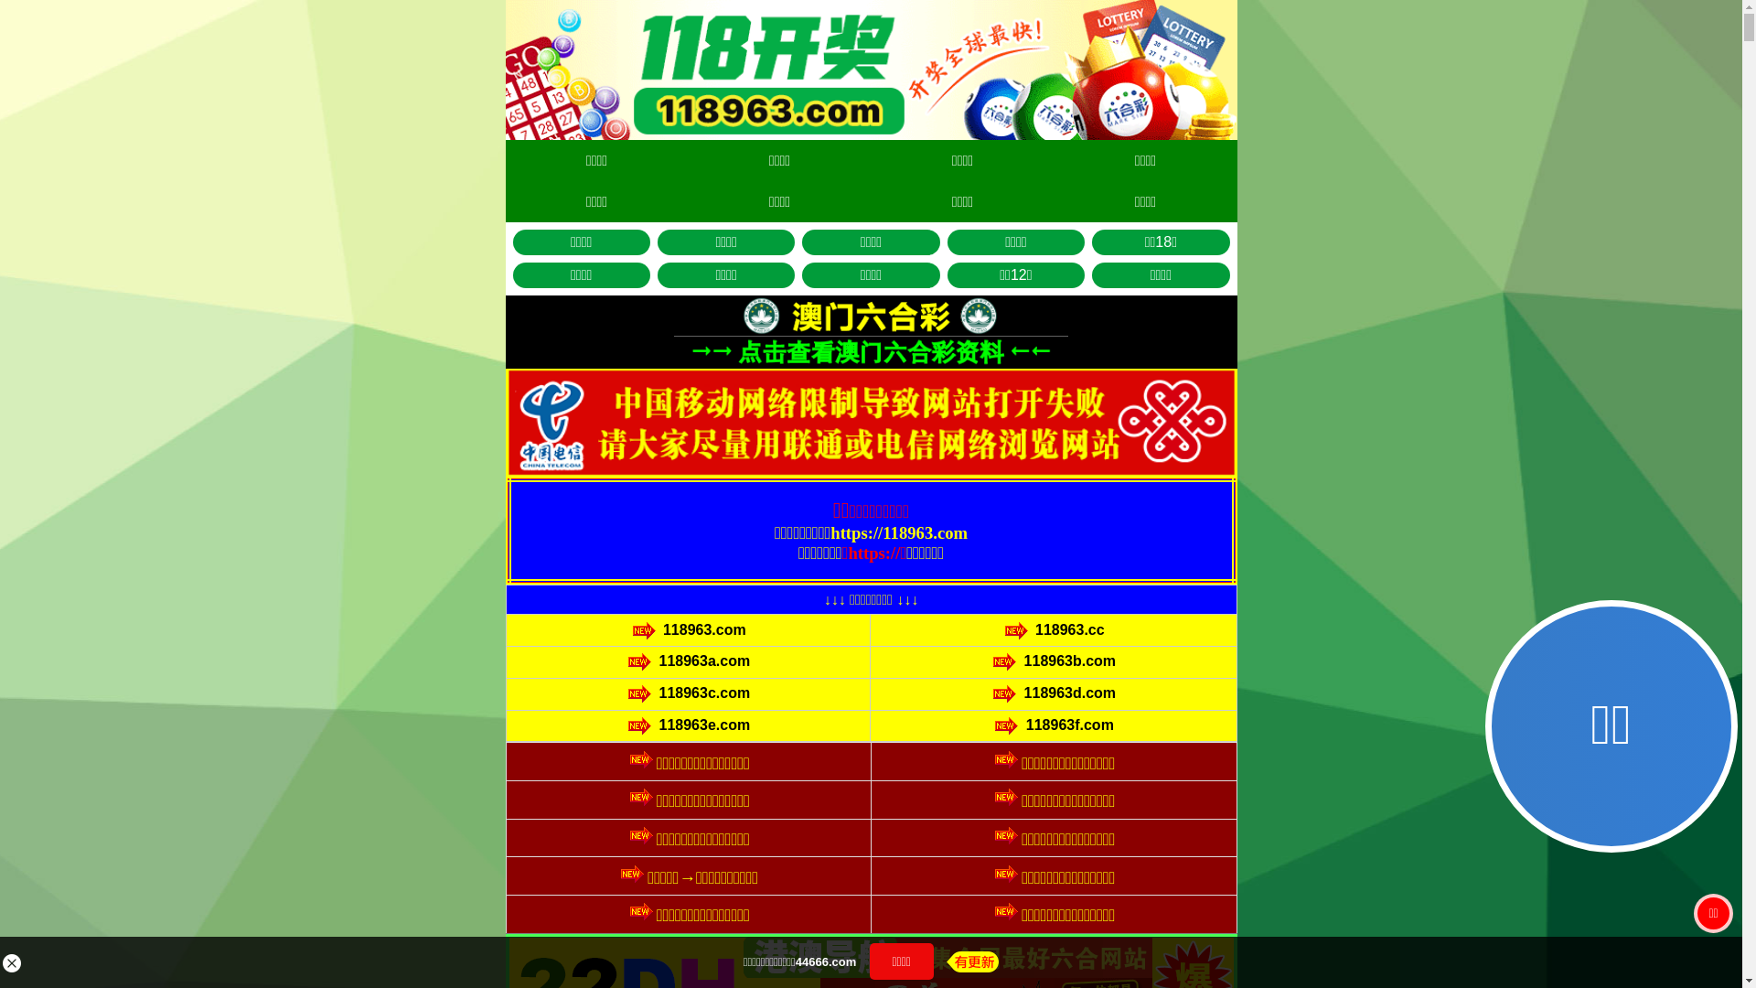  Describe the element at coordinates (927, 537) in the screenshot. I see `'9797.cc'` at that location.